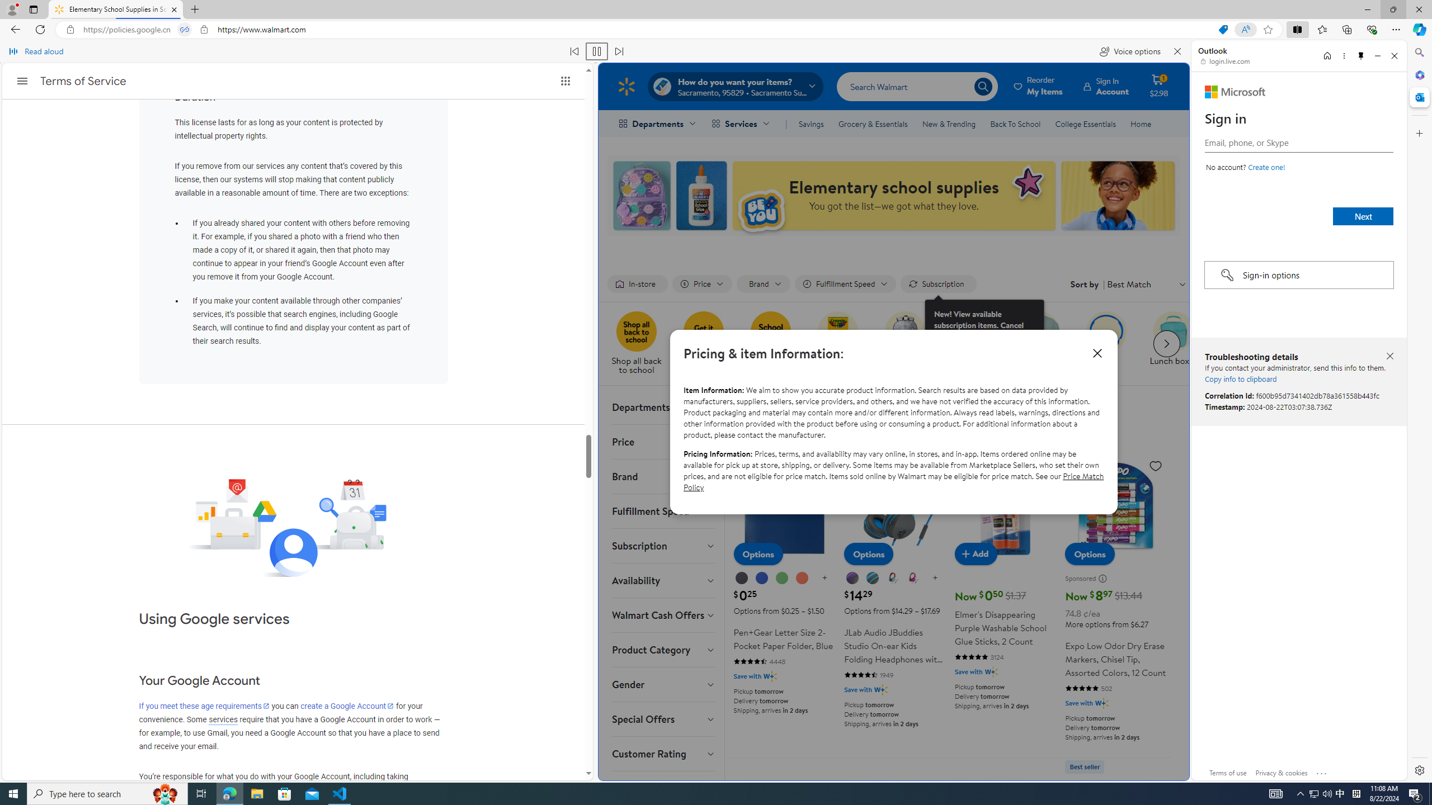  What do you see at coordinates (1322, 770) in the screenshot?
I see `'Click here for troubleshooting information'` at bounding box center [1322, 770].